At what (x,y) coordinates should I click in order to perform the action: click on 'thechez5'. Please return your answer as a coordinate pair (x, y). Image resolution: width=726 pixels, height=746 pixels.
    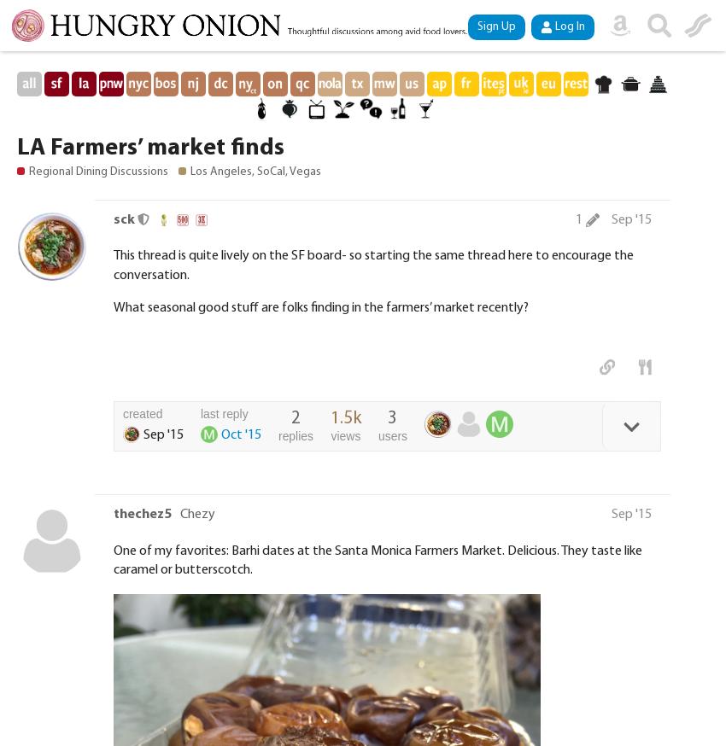
    Looking at the image, I should click on (143, 513).